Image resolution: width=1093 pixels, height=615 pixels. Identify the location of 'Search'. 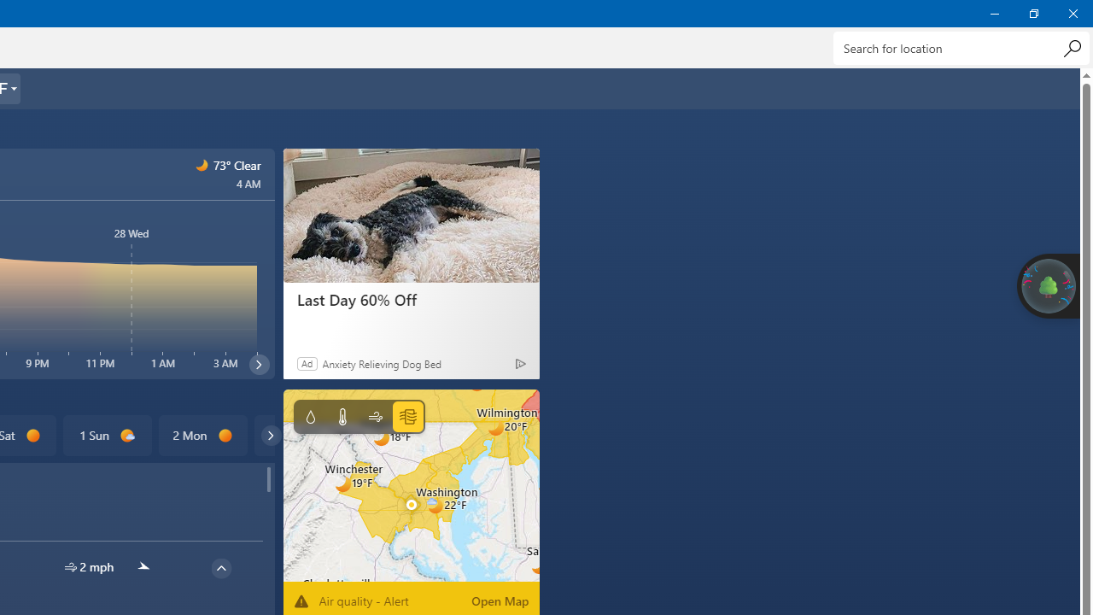
(1071, 47).